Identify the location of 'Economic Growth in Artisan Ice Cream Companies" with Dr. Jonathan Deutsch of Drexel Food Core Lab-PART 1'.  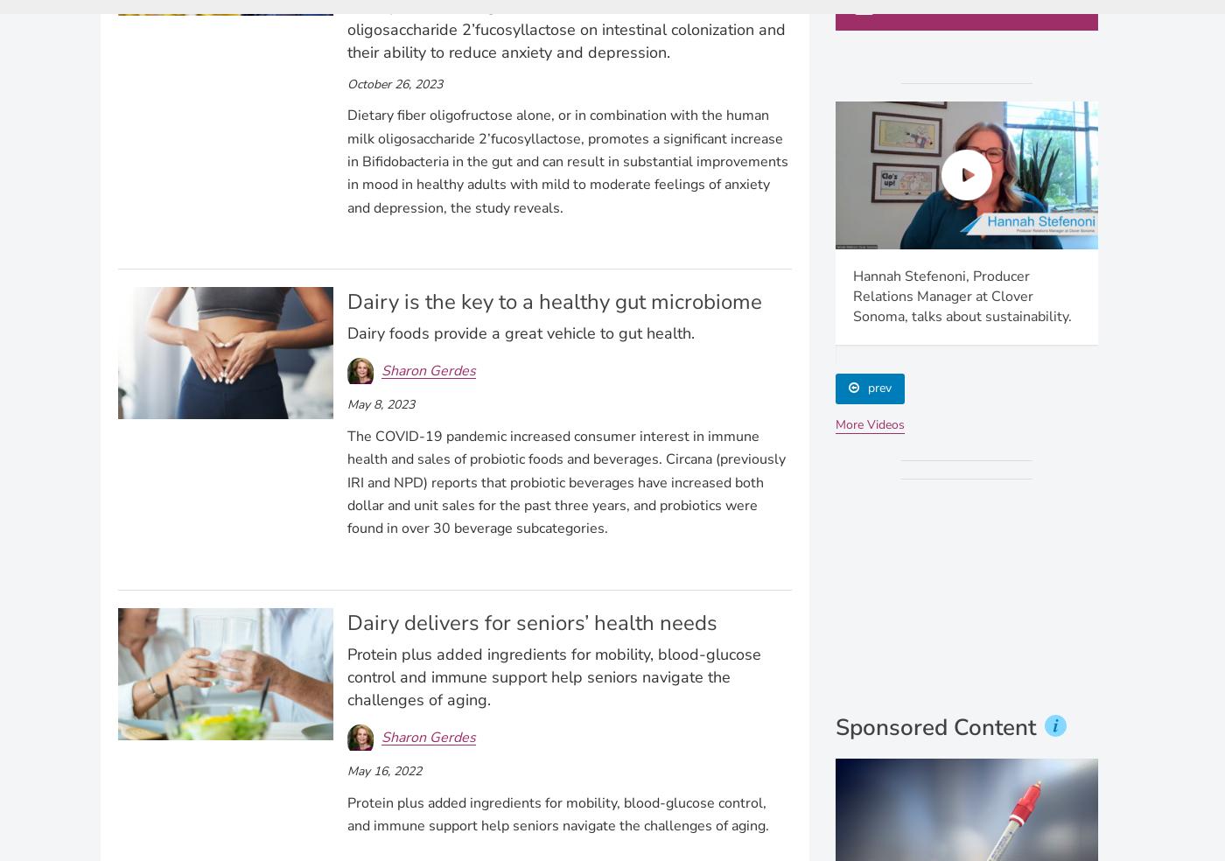
(694, 305).